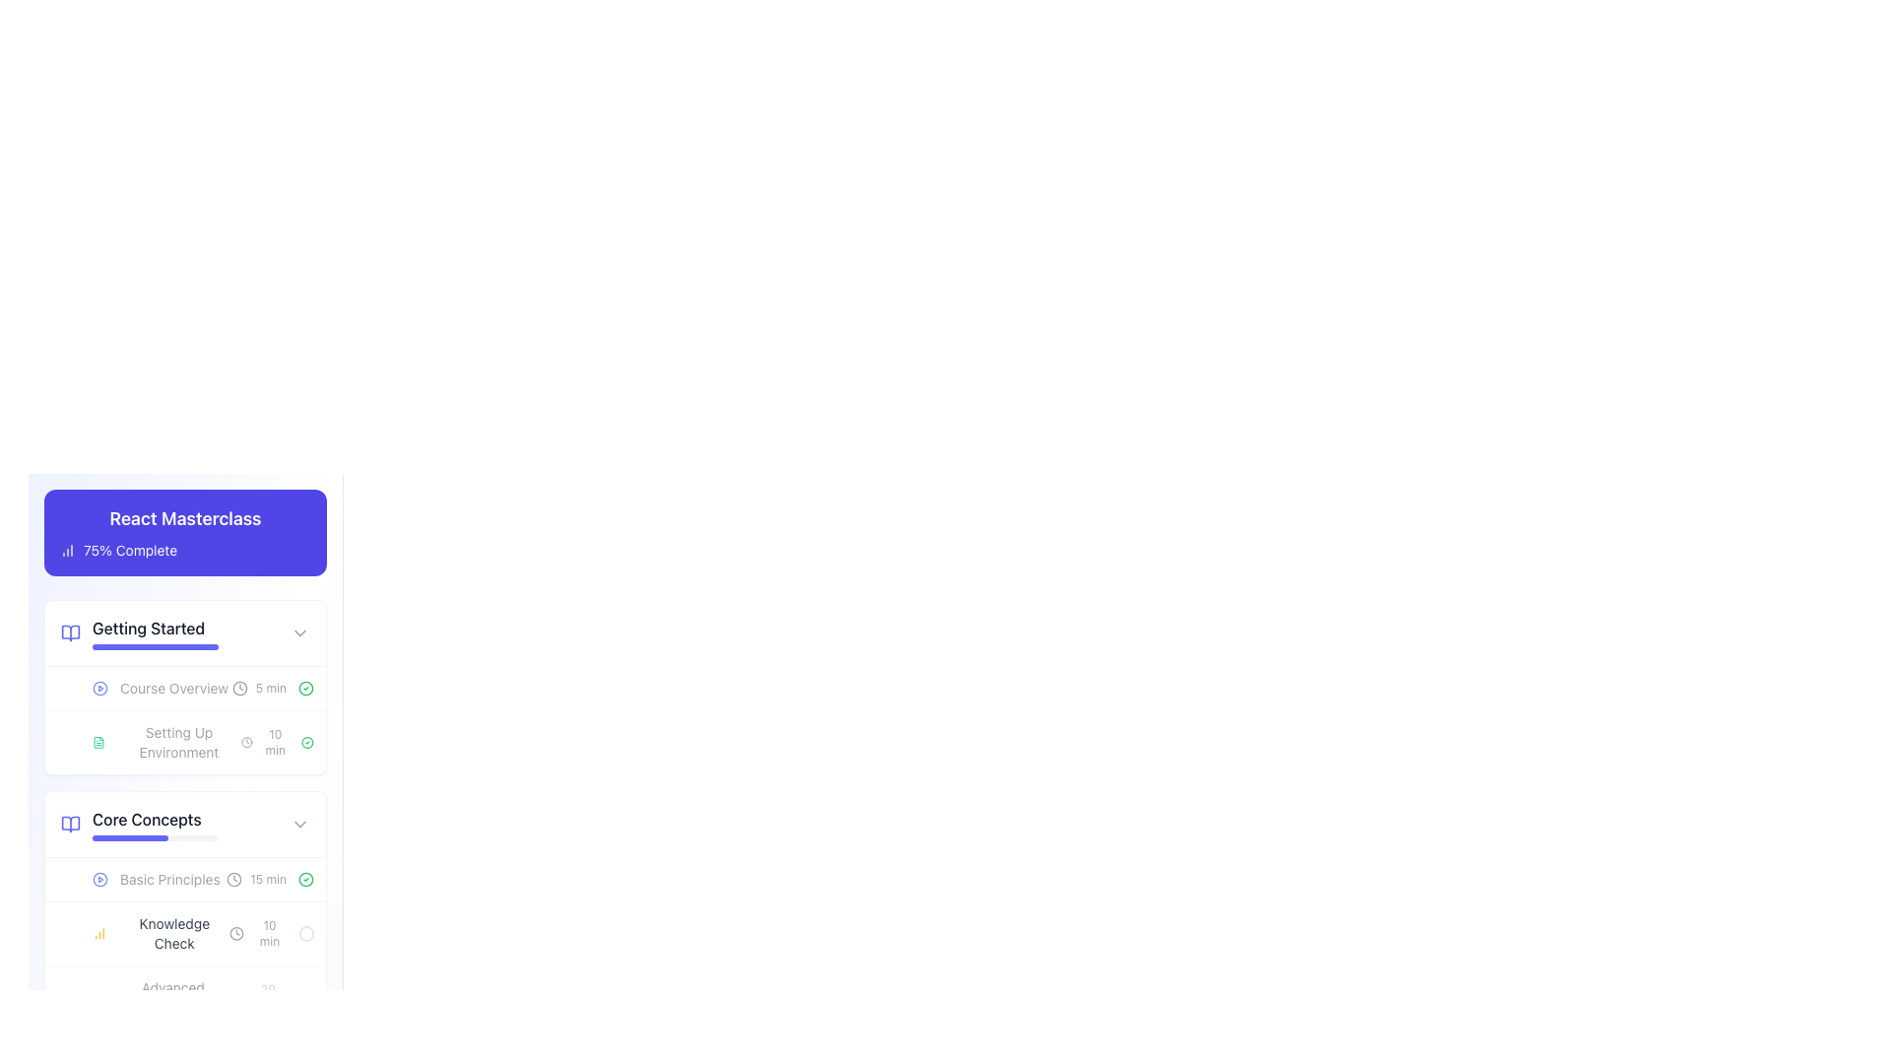 Image resolution: width=1891 pixels, height=1064 pixels. I want to click on the List item representing the module 'Setting Up Environment', so click(185, 742).